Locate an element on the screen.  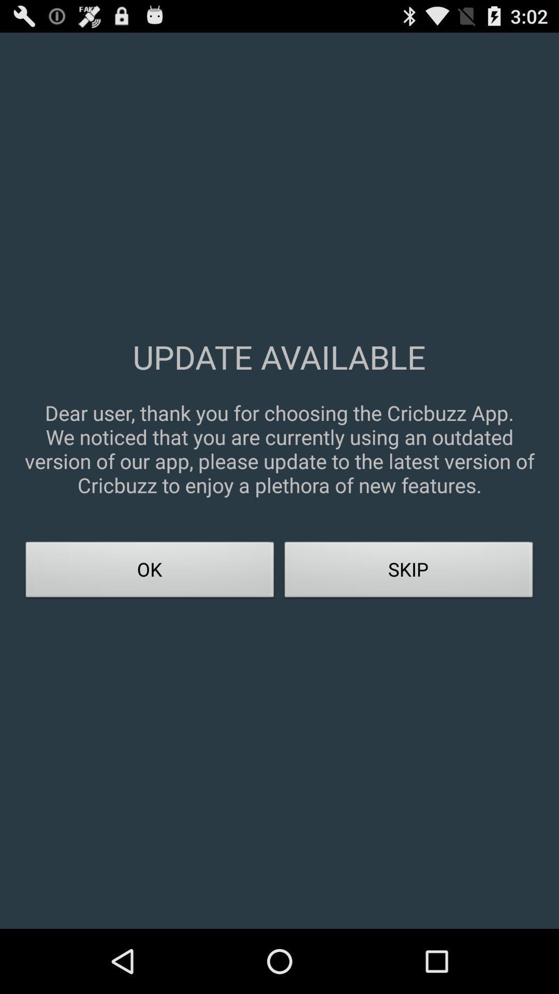
app below dear user thank icon is located at coordinates (150, 572).